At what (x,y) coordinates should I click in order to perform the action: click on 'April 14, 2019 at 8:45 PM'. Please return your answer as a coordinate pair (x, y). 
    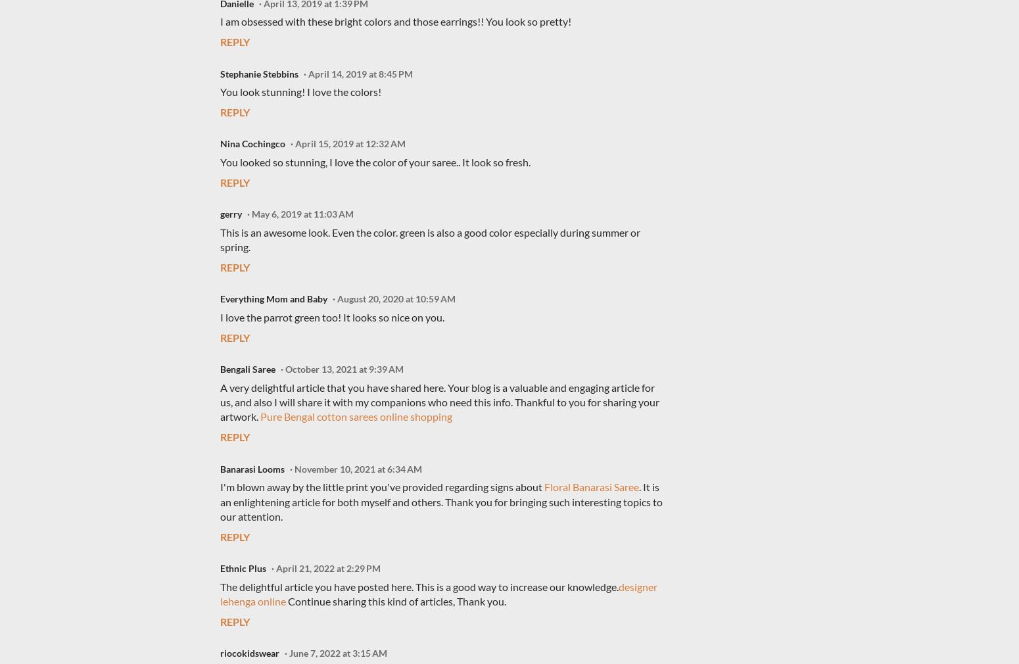
    Looking at the image, I should click on (360, 72).